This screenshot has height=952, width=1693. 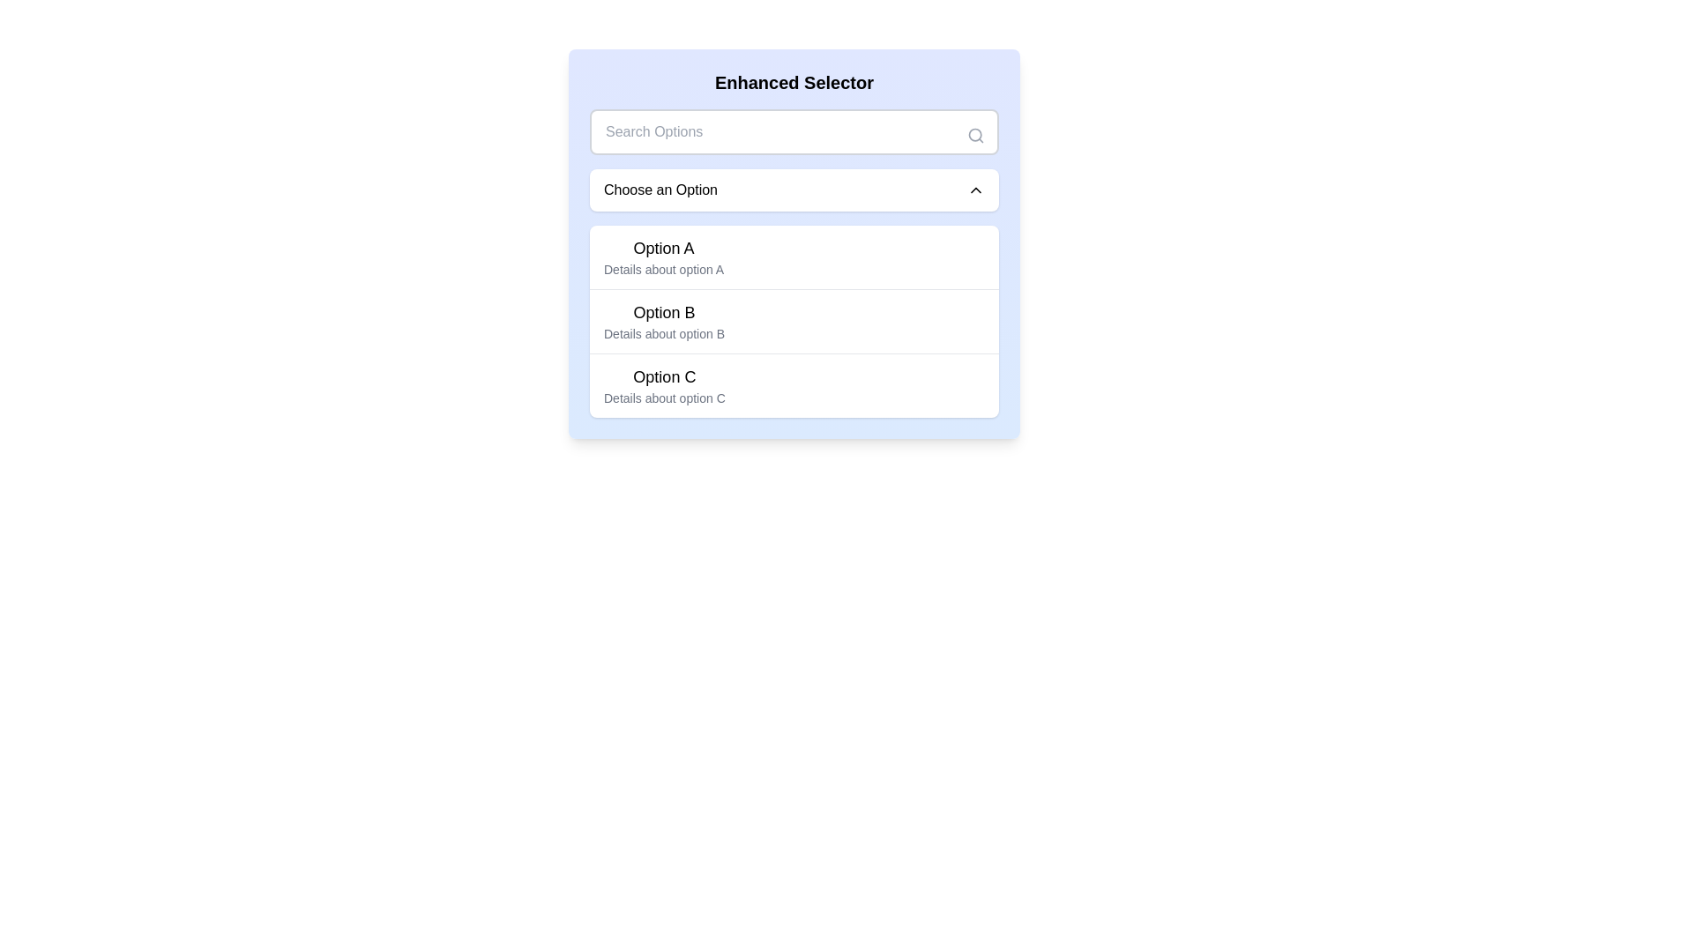 I want to click on the decorative graphical element that represents the lens of the magnifying glass in the search icon, located on the right side of the top 'Search Options' input box, so click(x=974, y=134).